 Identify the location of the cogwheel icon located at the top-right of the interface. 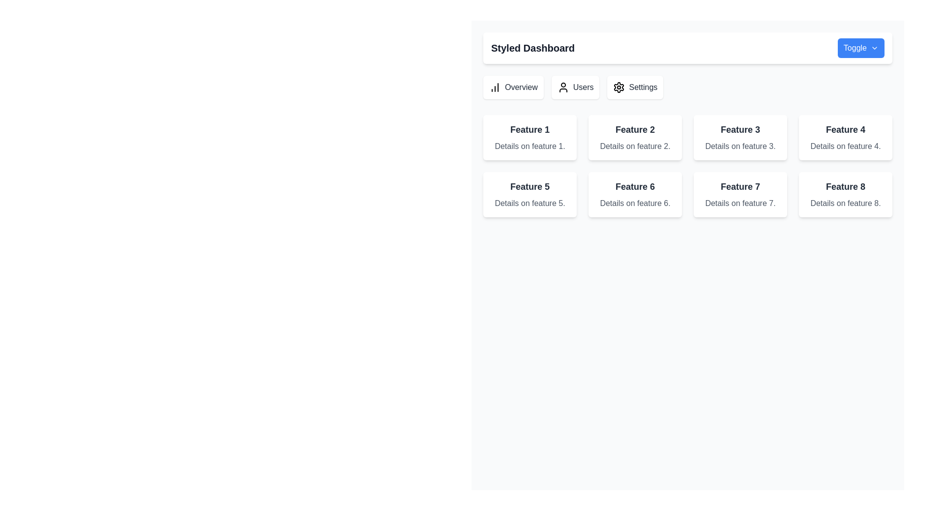
(619, 87).